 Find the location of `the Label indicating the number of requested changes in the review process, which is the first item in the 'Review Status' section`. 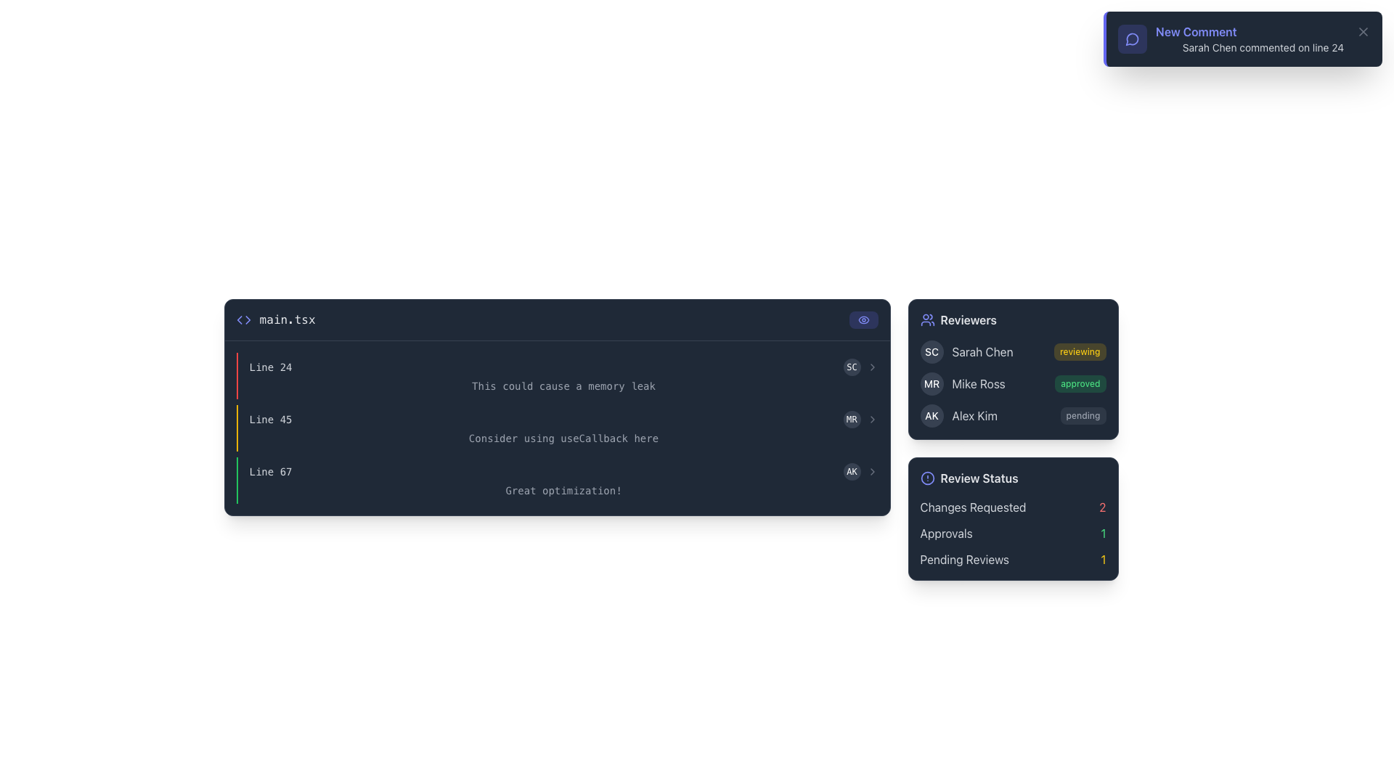

the Label indicating the number of requested changes in the review process, which is the first item in the 'Review Status' section is located at coordinates (1012, 506).